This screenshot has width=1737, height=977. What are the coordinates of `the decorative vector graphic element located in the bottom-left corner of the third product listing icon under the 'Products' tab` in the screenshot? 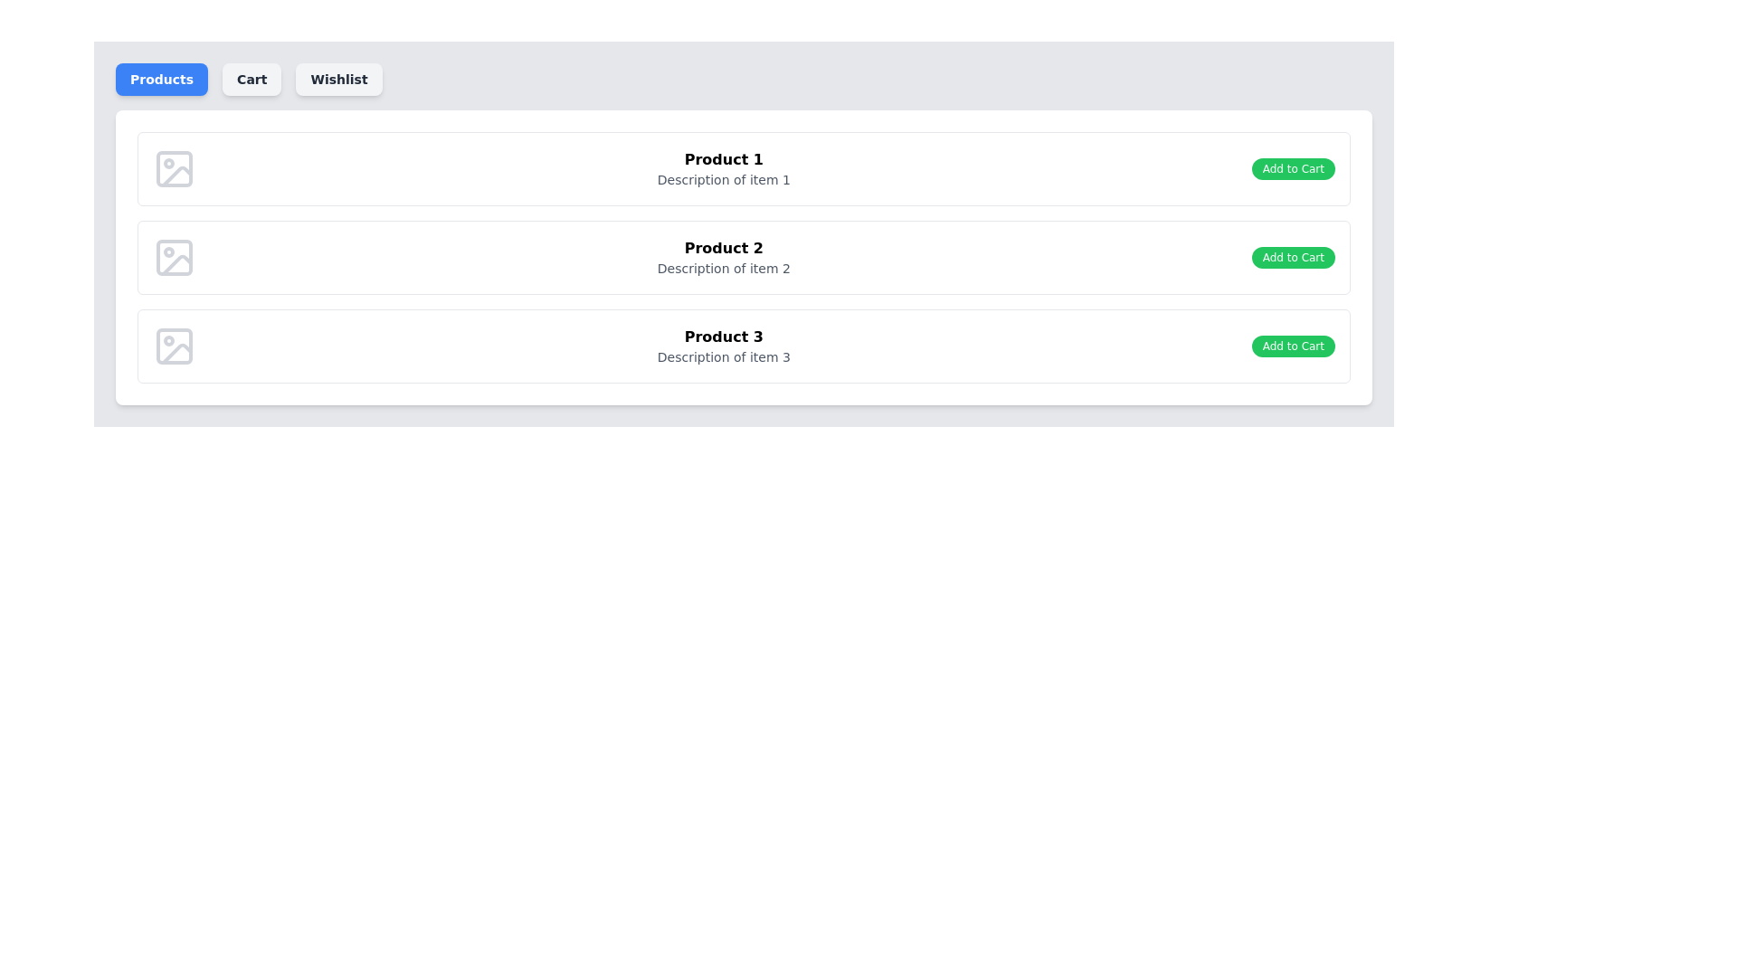 It's located at (177, 353).